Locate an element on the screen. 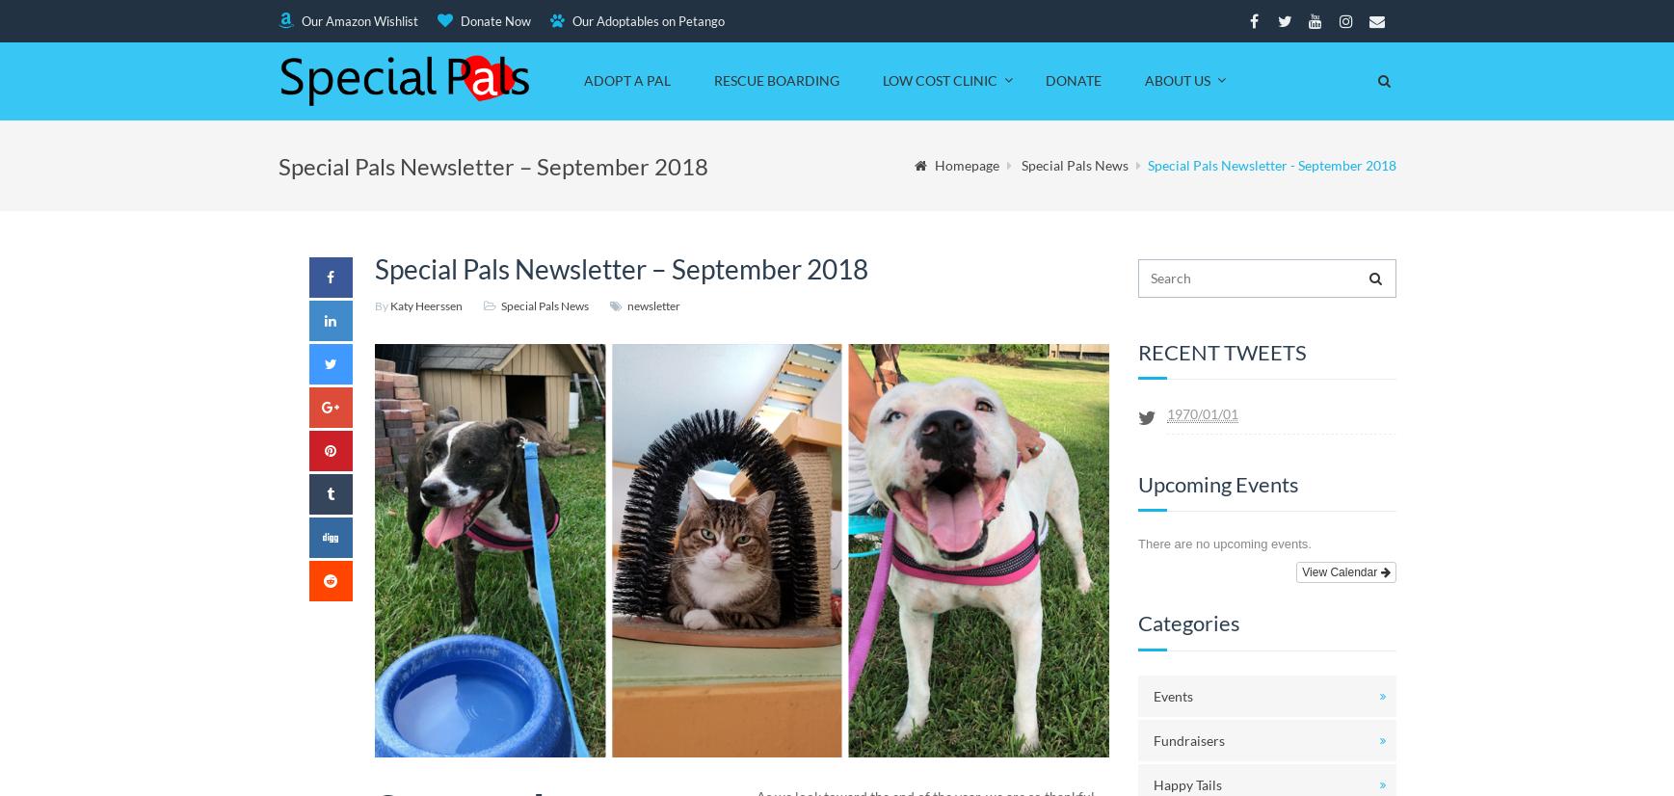 The width and height of the screenshot is (1674, 796). 'By' is located at coordinates (381, 305).